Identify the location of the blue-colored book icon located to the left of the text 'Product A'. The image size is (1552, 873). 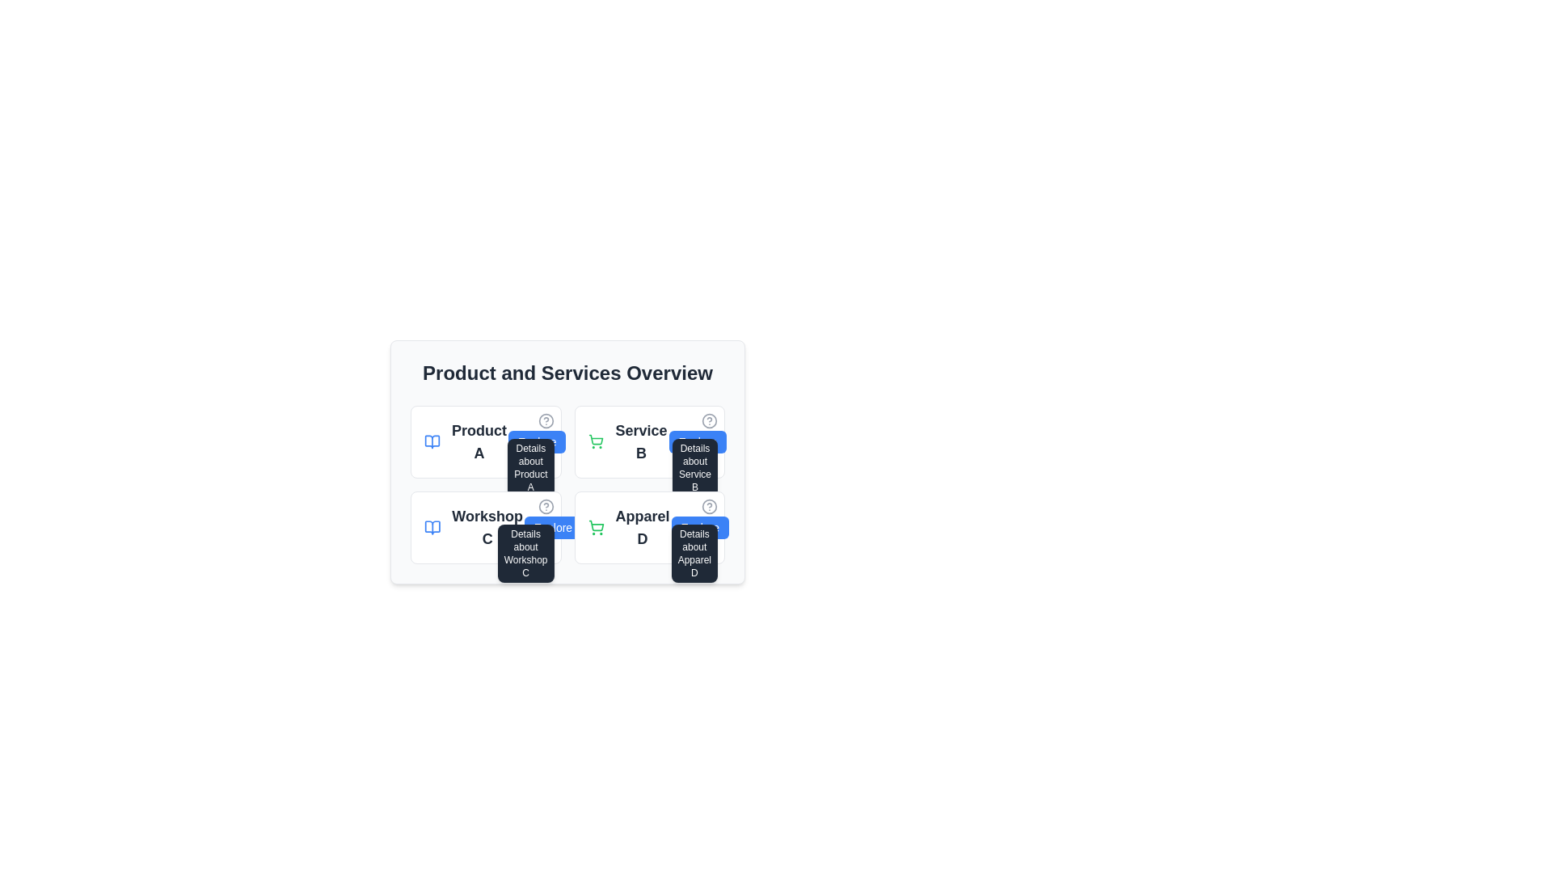
(432, 442).